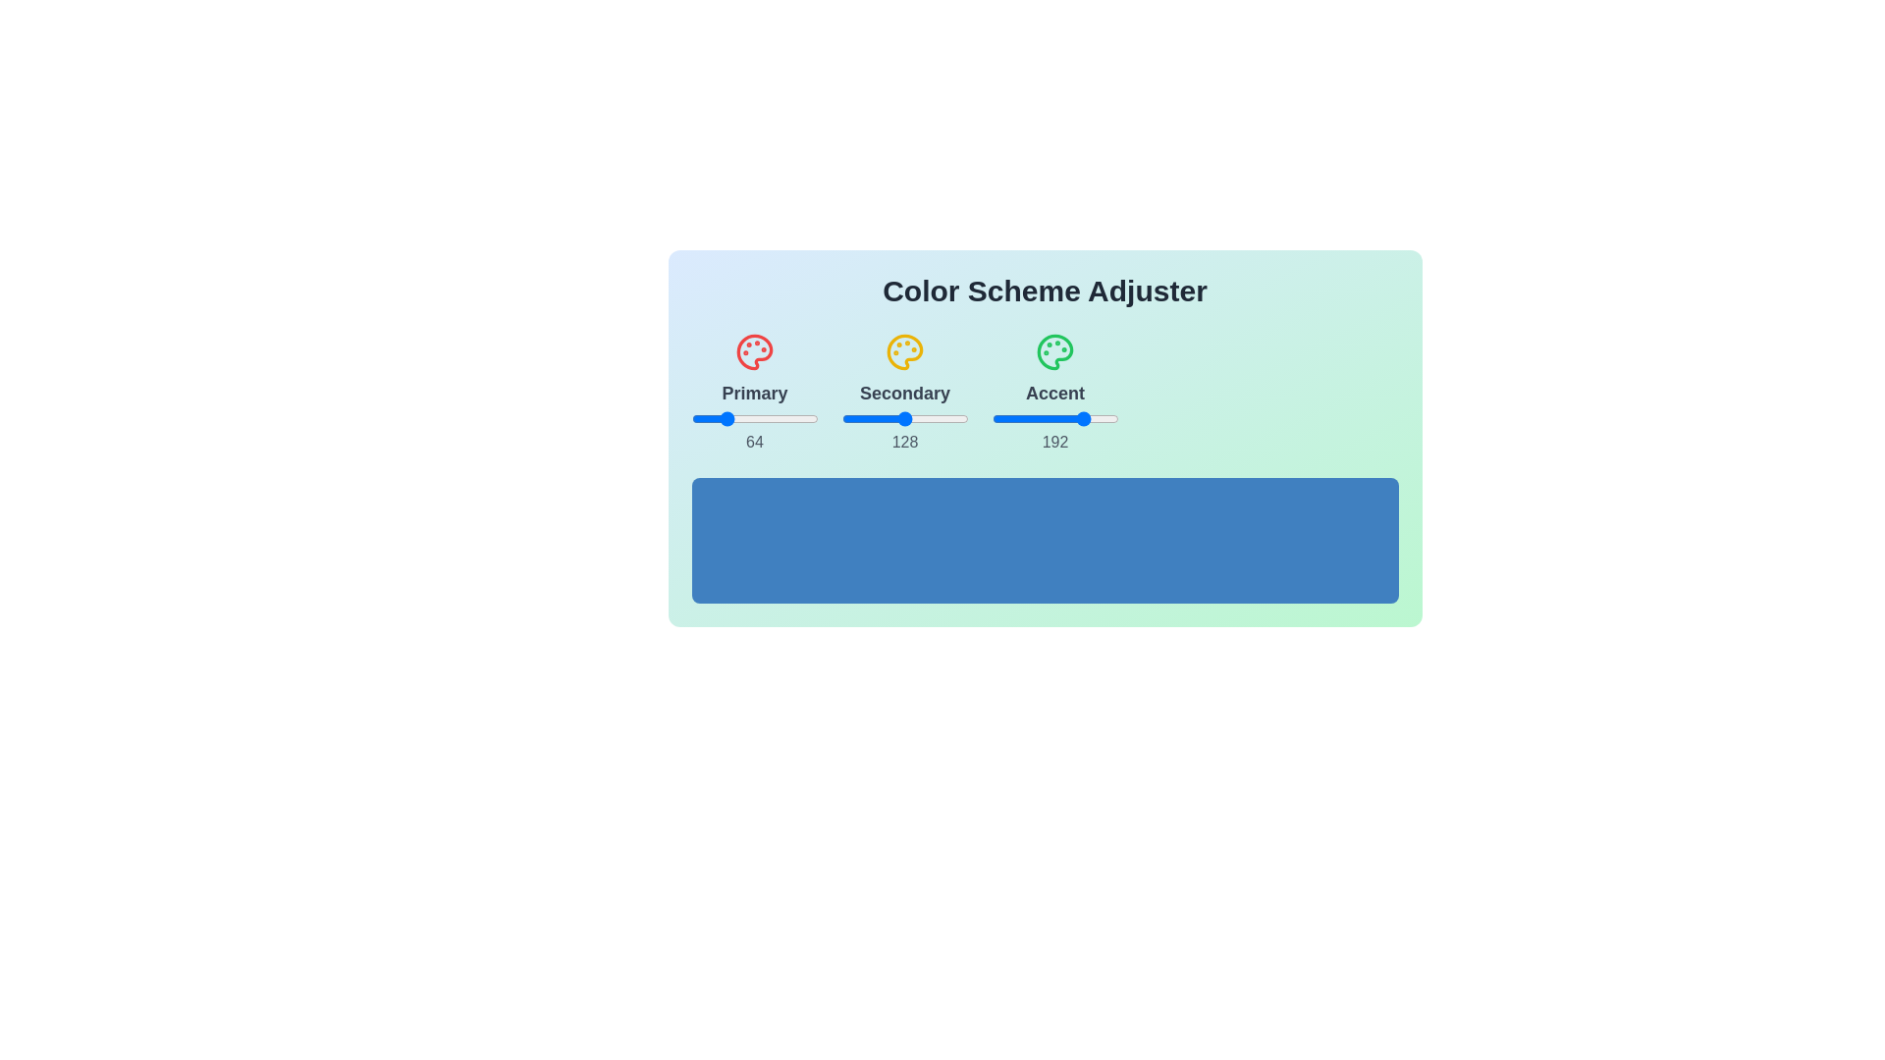 Image resolution: width=1885 pixels, height=1060 pixels. Describe the element at coordinates (983, 418) in the screenshot. I see `the 1 slider to 158` at that location.